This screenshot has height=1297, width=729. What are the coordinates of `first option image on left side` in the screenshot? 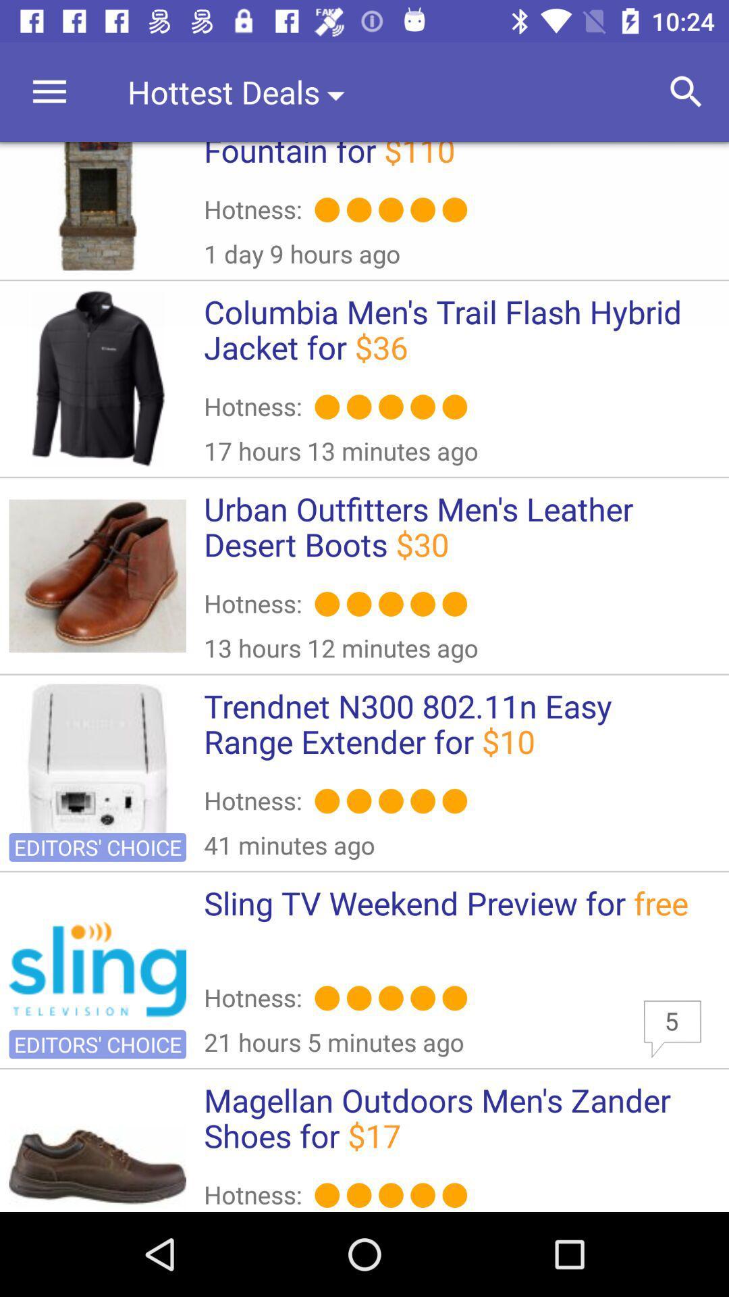 It's located at (97, 205).